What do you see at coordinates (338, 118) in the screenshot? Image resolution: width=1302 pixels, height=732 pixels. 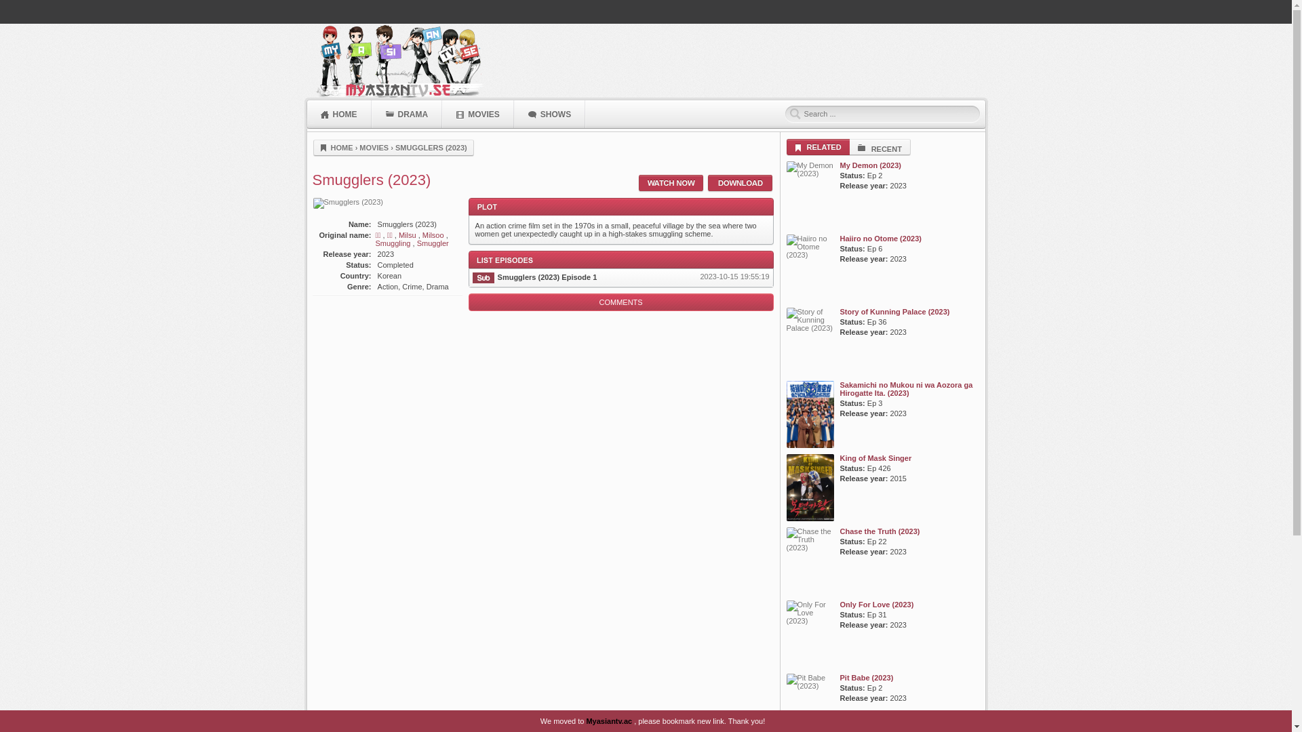 I see `'HOME'` at bounding box center [338, 118].